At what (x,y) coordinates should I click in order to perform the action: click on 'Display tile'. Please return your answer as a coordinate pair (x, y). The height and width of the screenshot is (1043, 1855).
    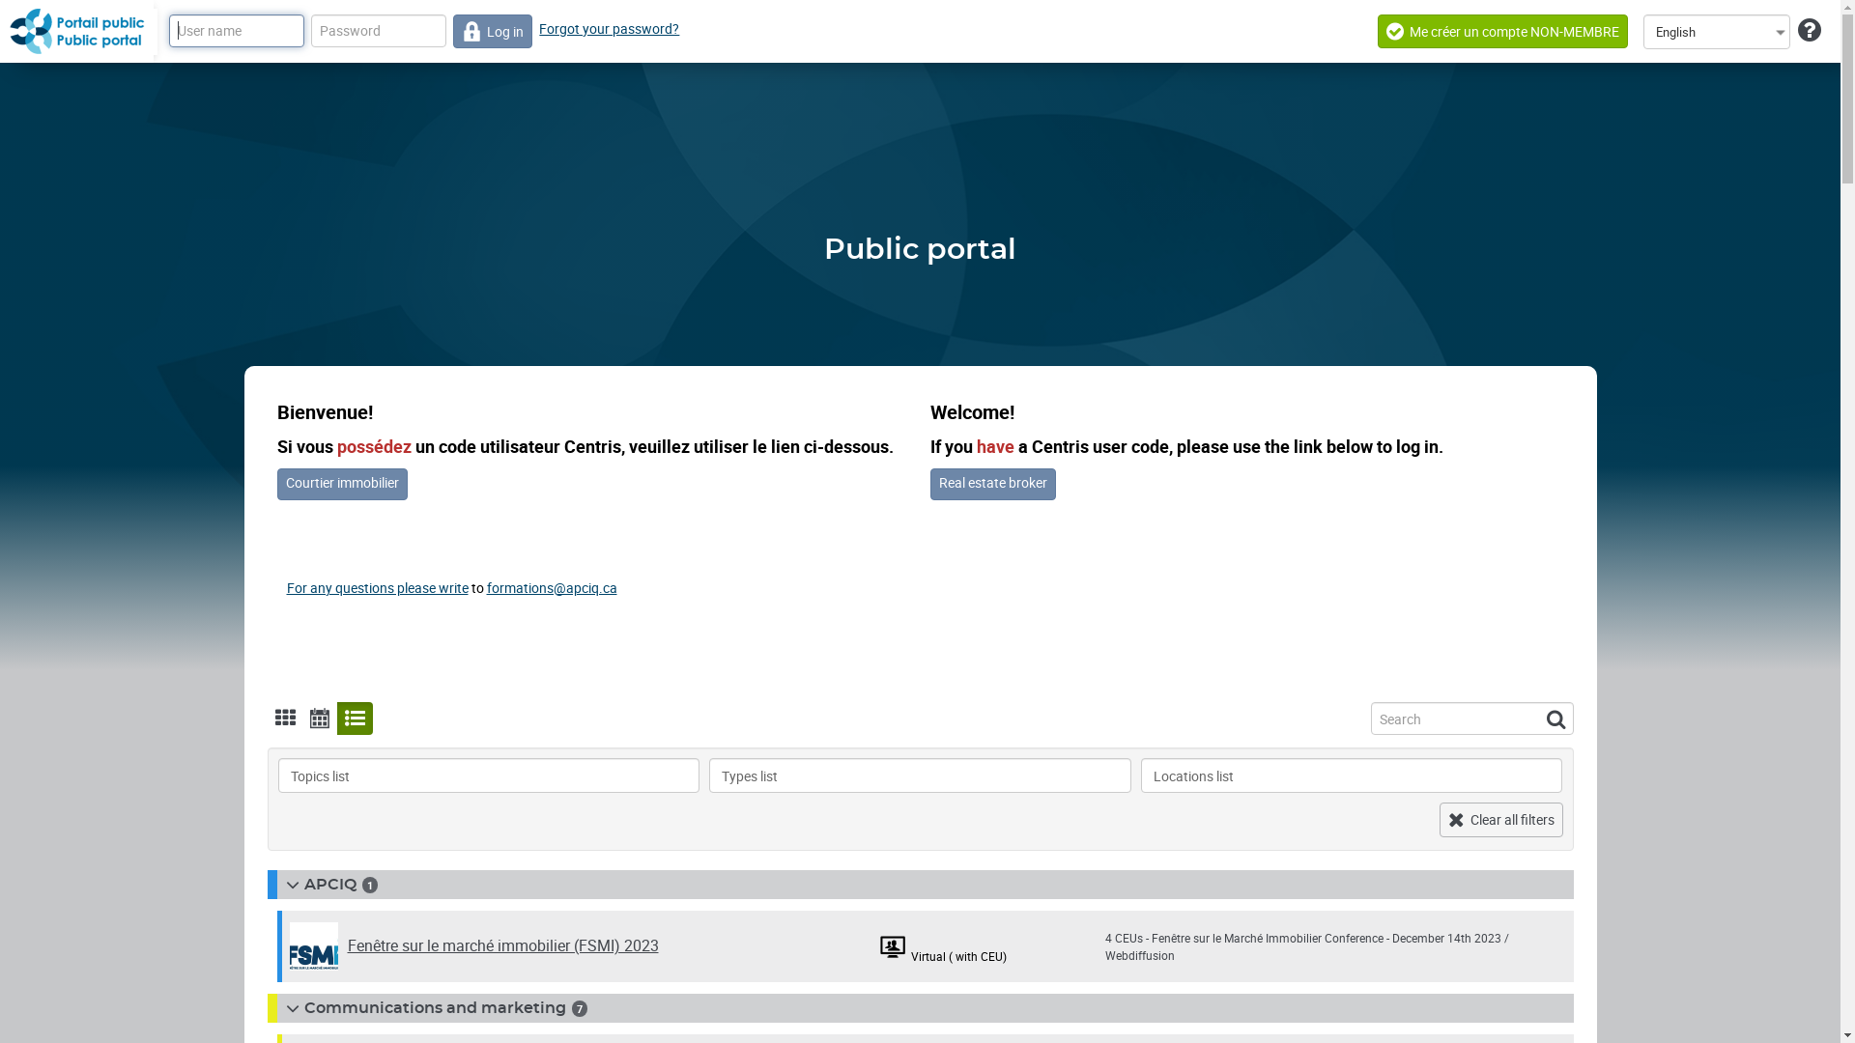
    Looking at the image, I should click on (283, 719).